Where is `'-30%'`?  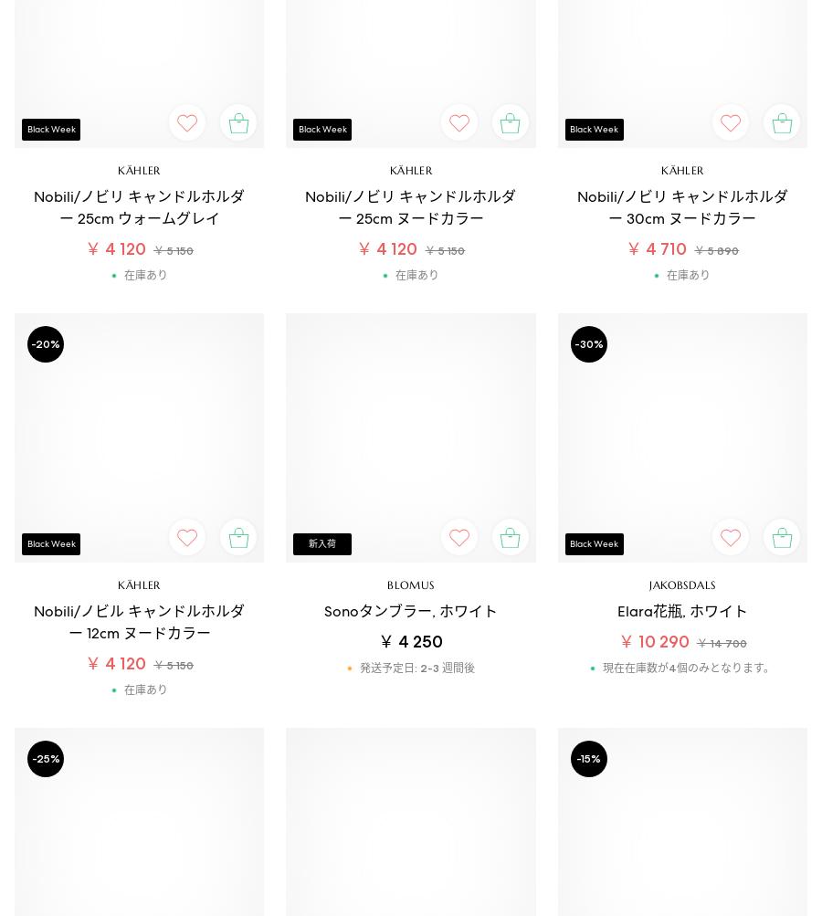
'-30%' is located at coordinates (574, 342).